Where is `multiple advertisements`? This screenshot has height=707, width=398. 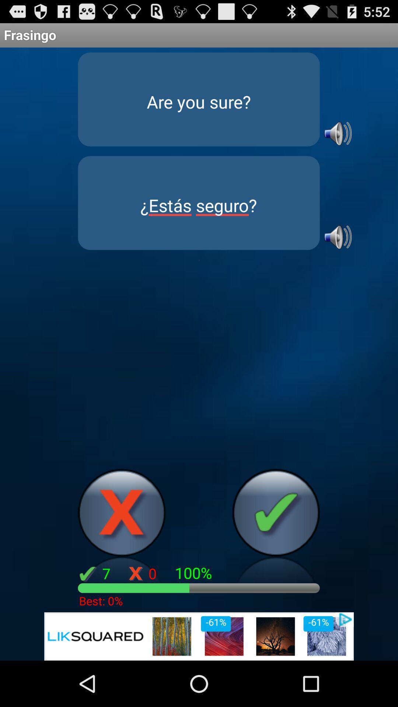
multiple advertisements is located at coordinates (199, 636).